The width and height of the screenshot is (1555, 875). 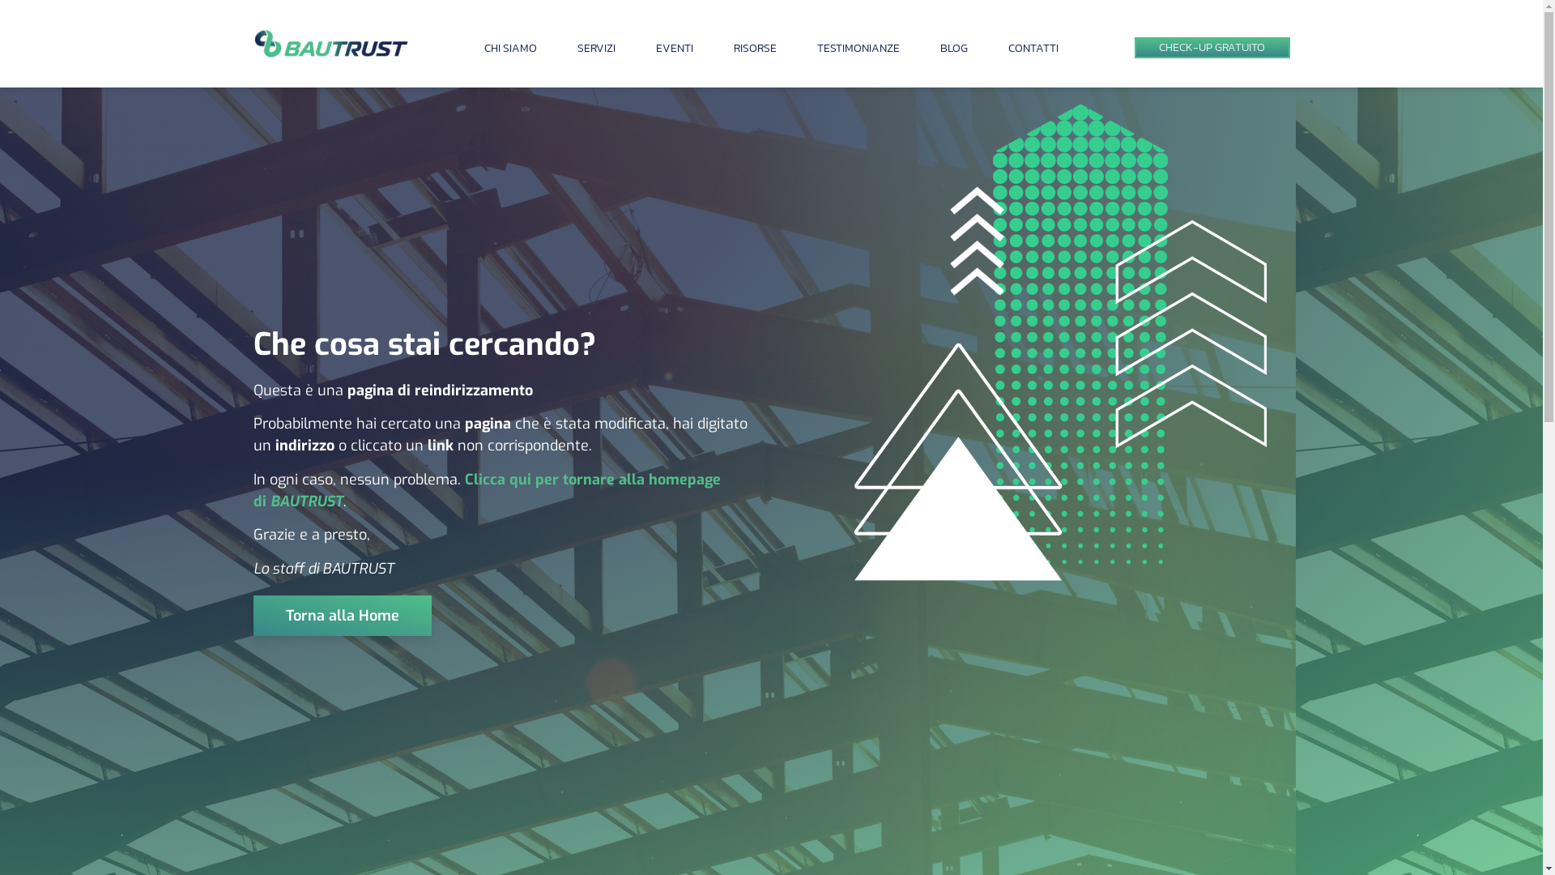 I want to click on 'BLOG', so click(x=953, y=48).